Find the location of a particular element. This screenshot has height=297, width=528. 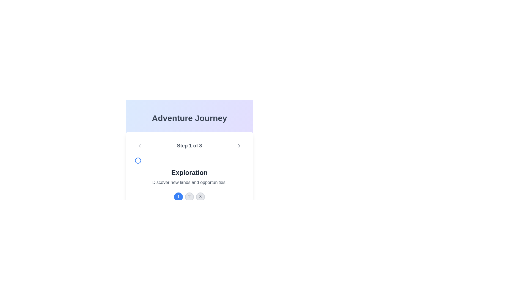

the static progress indicator text label that displays the current step of the process, located centrally between the navigational buttons beneath the 'Adventure Journey' heading is located at coordinates (189, 145).